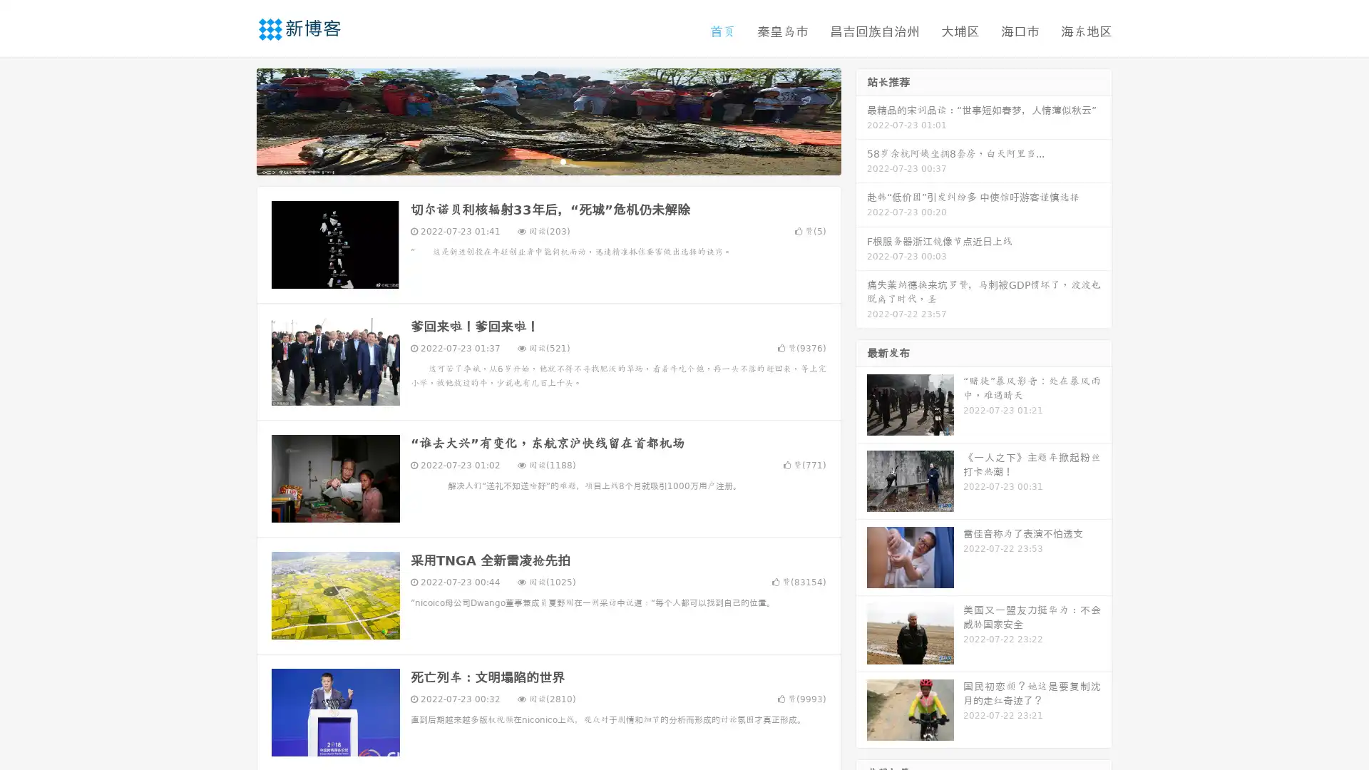 Image resolution: width=1369 pixels, height=770 pixels. What do you see at coordinates (563, 160) in the screenshot?
I see `Go to slide 3` at bounding box center [563, 160].